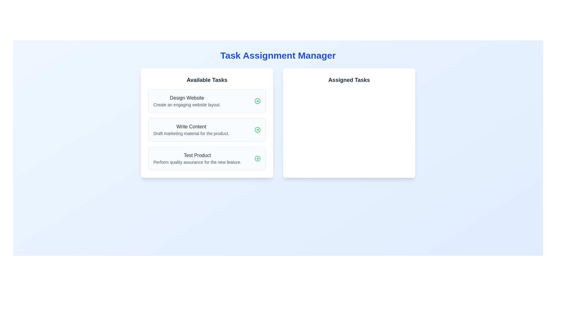 The width and height of the screenshot is (588, 330). I want to click on description in the text display area titled 'Write Content', which contains the instruction 'Draft marketing material for the product.', so click(191, 129).